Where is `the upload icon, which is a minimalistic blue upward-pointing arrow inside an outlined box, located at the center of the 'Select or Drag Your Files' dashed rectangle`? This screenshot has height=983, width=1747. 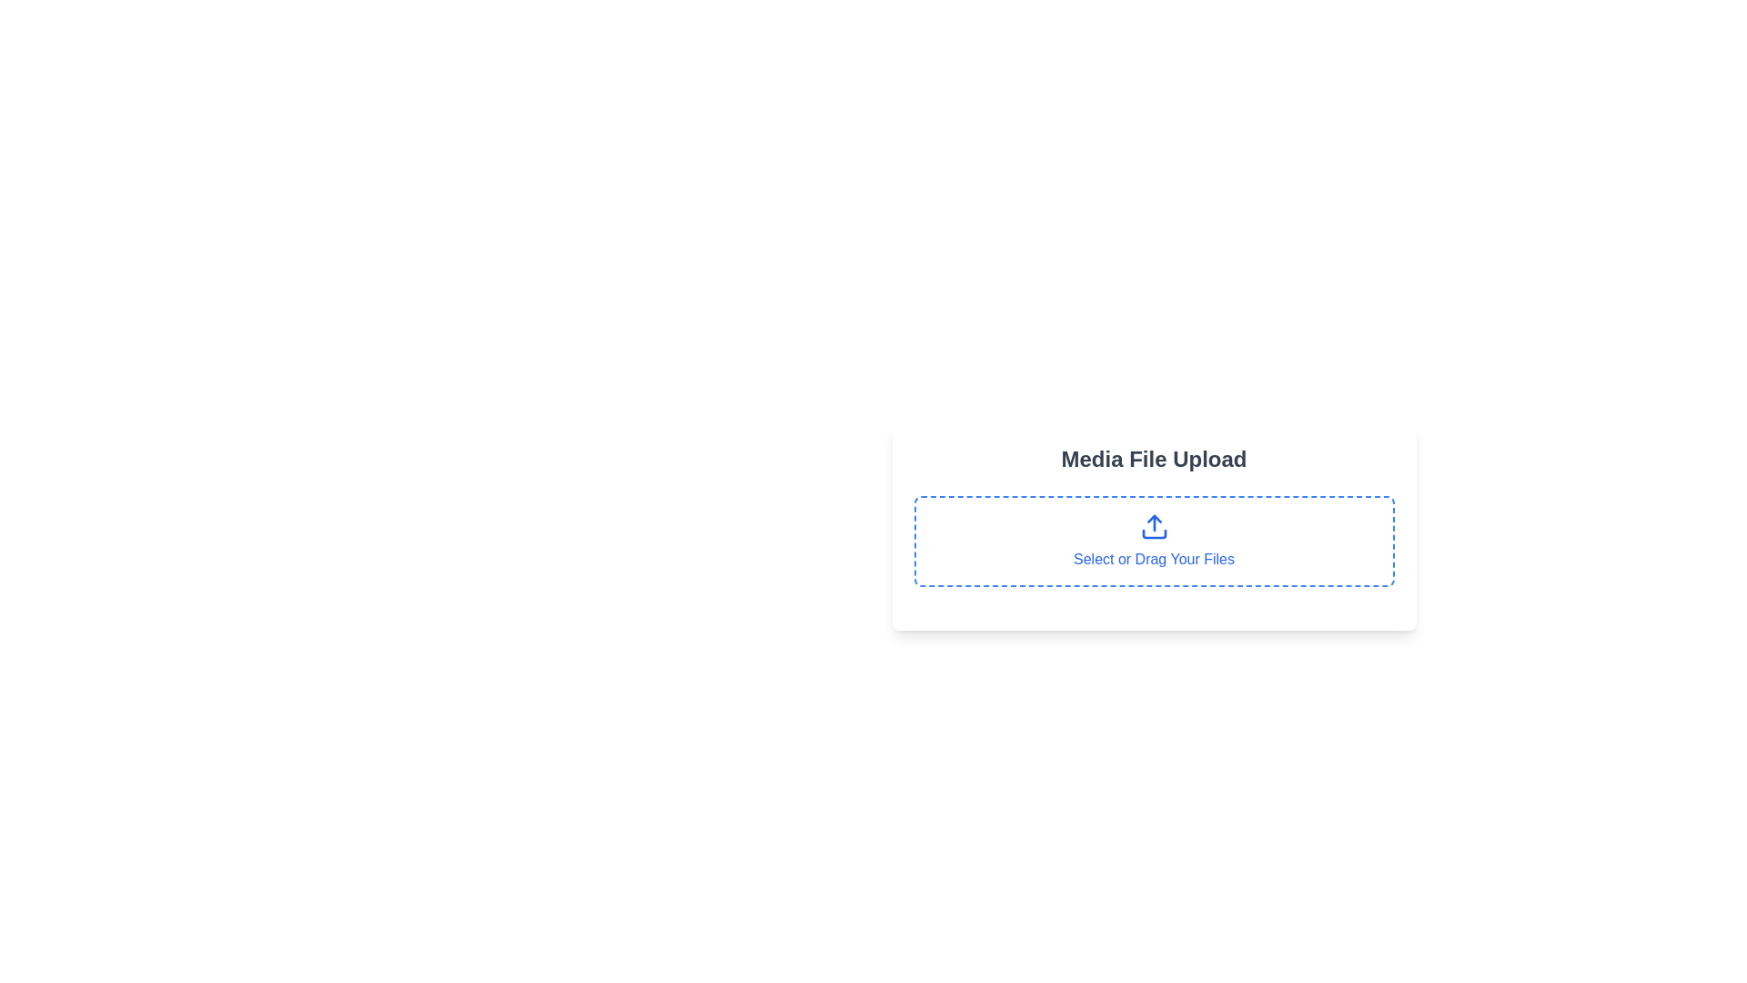 the upload icon, which is a minimalistic blue upward-pointing arrow inside an outlined box, located at the center of the 'Select or Drag Your Files' dashed rectangle is located at coordinates (1153, 526).